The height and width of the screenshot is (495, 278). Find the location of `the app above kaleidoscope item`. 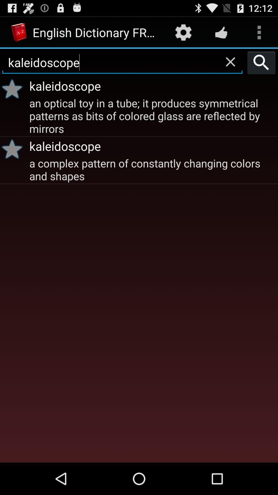

the app above kaleidoscope item is located at coordinates (230, 62).